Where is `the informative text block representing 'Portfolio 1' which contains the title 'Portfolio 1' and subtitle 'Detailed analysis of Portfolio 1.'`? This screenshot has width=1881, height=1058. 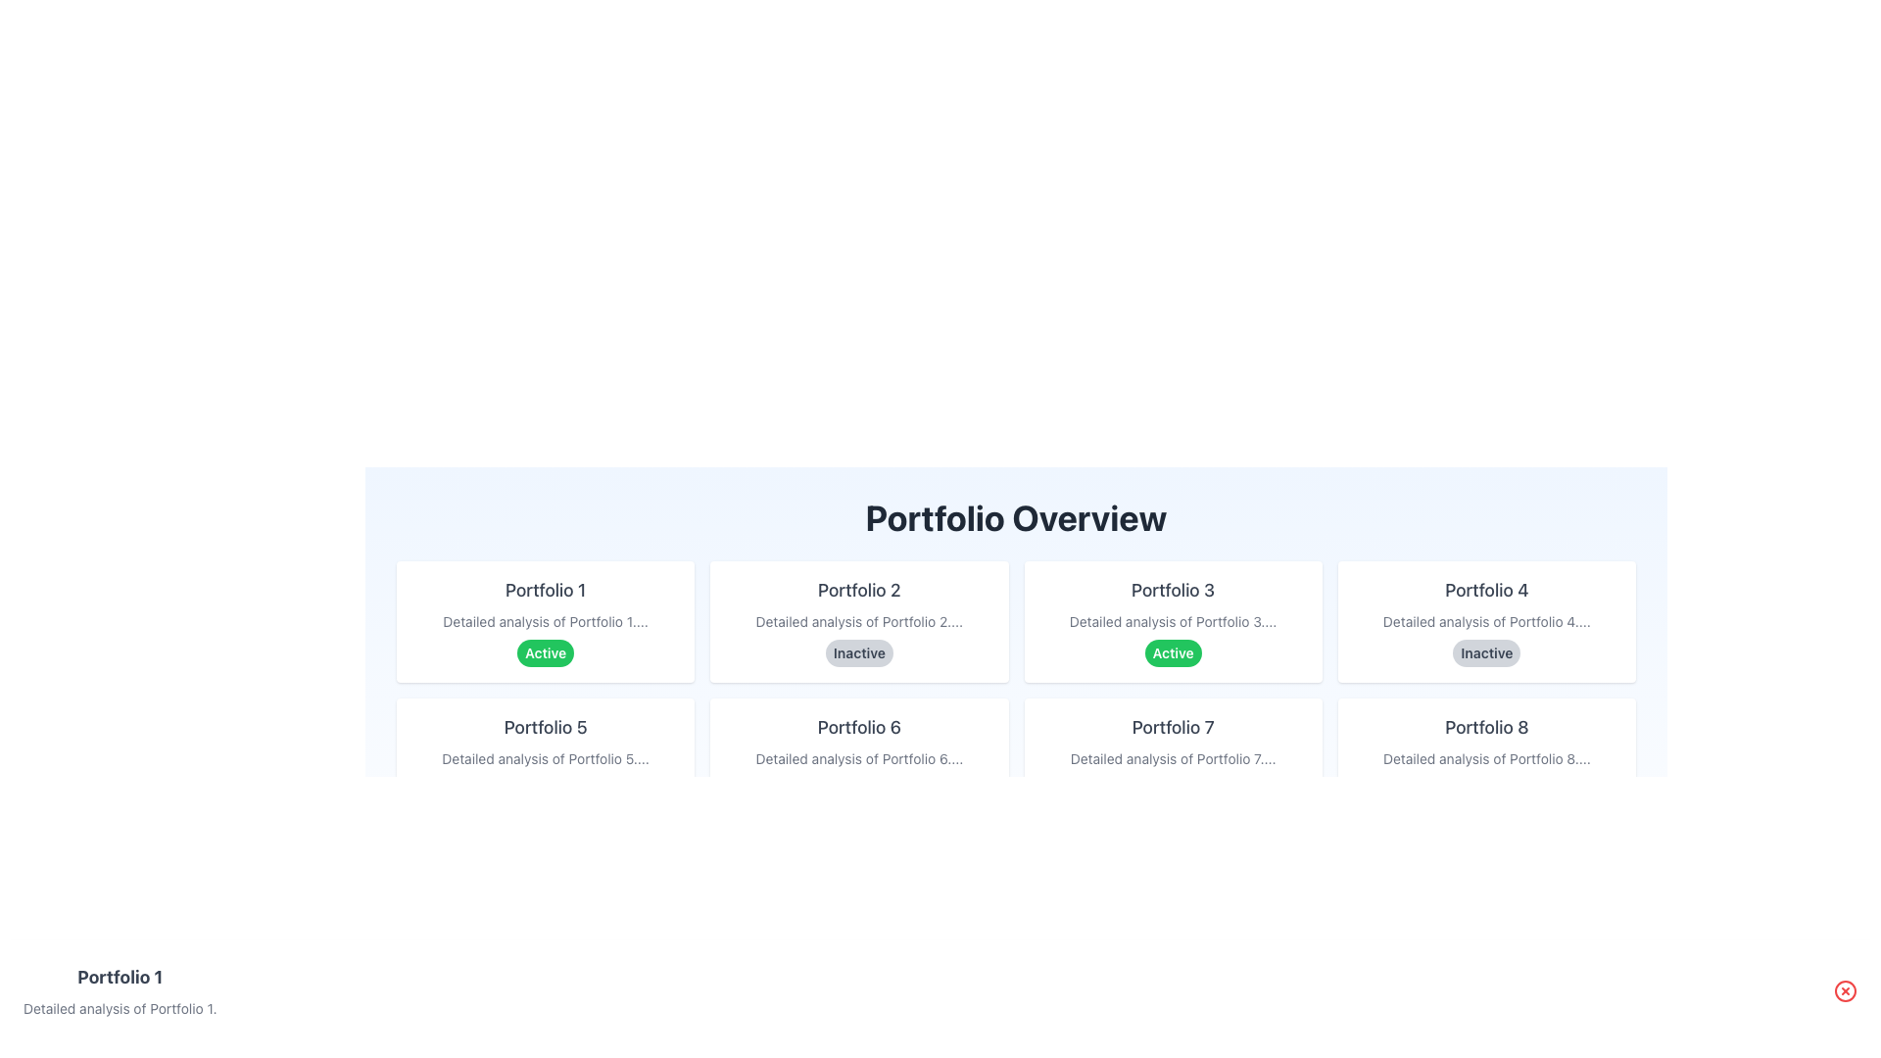
the informative text block representing 'Portfolio 1' which contains the title 'Portfolio 1' and subtitle 'Detailed analysis of Portfolio 1.' is located at coordinates (119, 990).